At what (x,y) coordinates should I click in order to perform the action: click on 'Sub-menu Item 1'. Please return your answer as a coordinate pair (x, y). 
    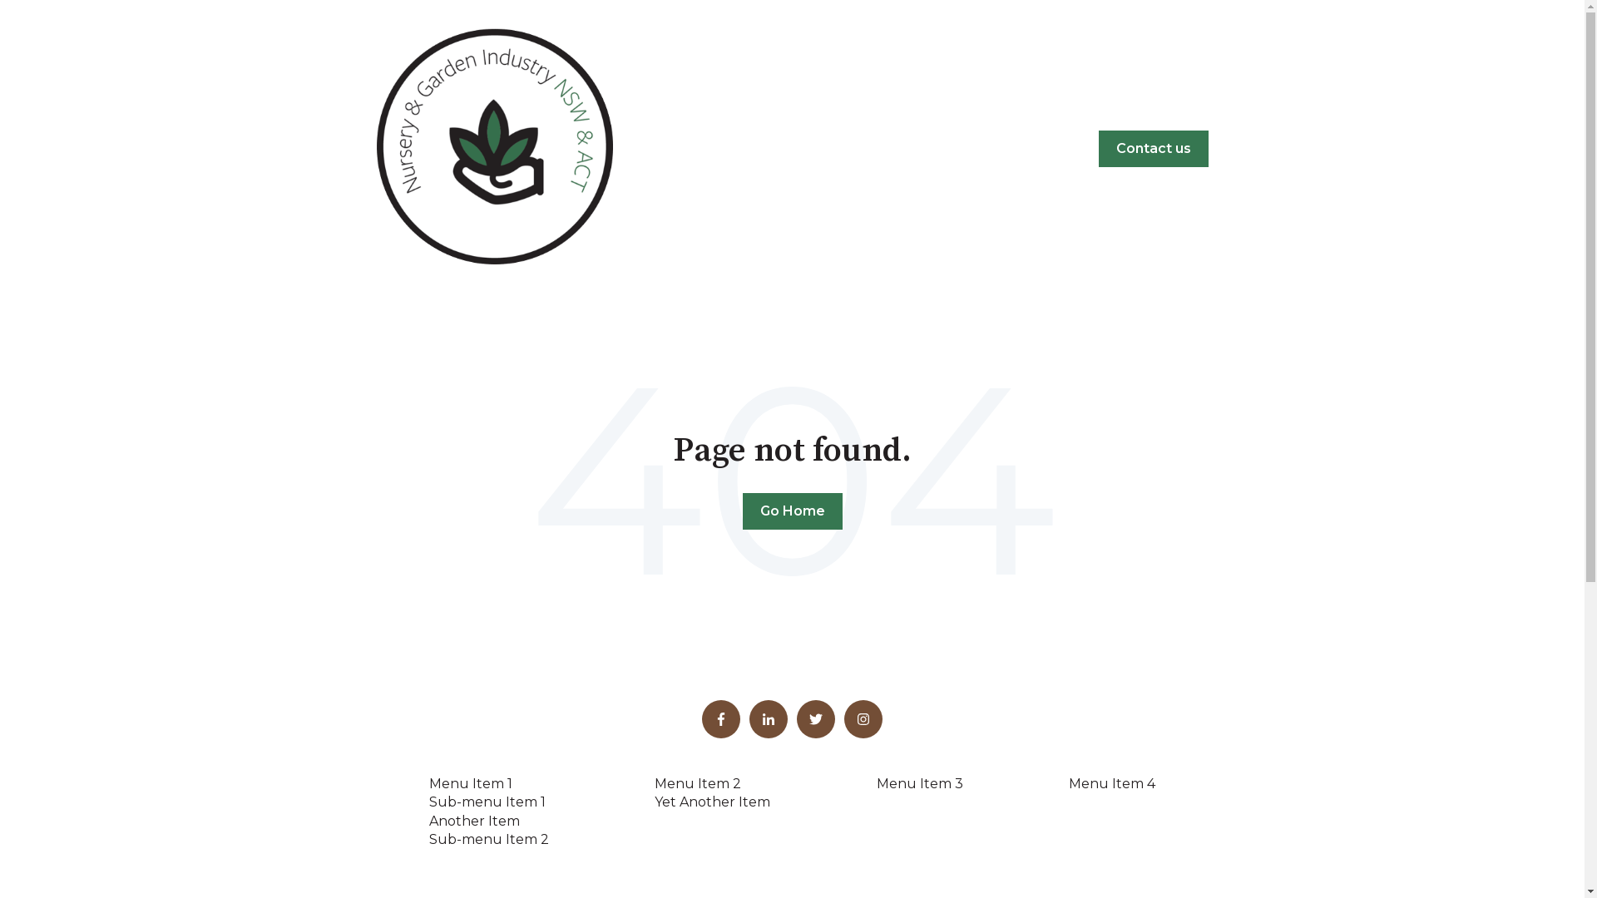
    Looking at the image, I should click on (486, 801).